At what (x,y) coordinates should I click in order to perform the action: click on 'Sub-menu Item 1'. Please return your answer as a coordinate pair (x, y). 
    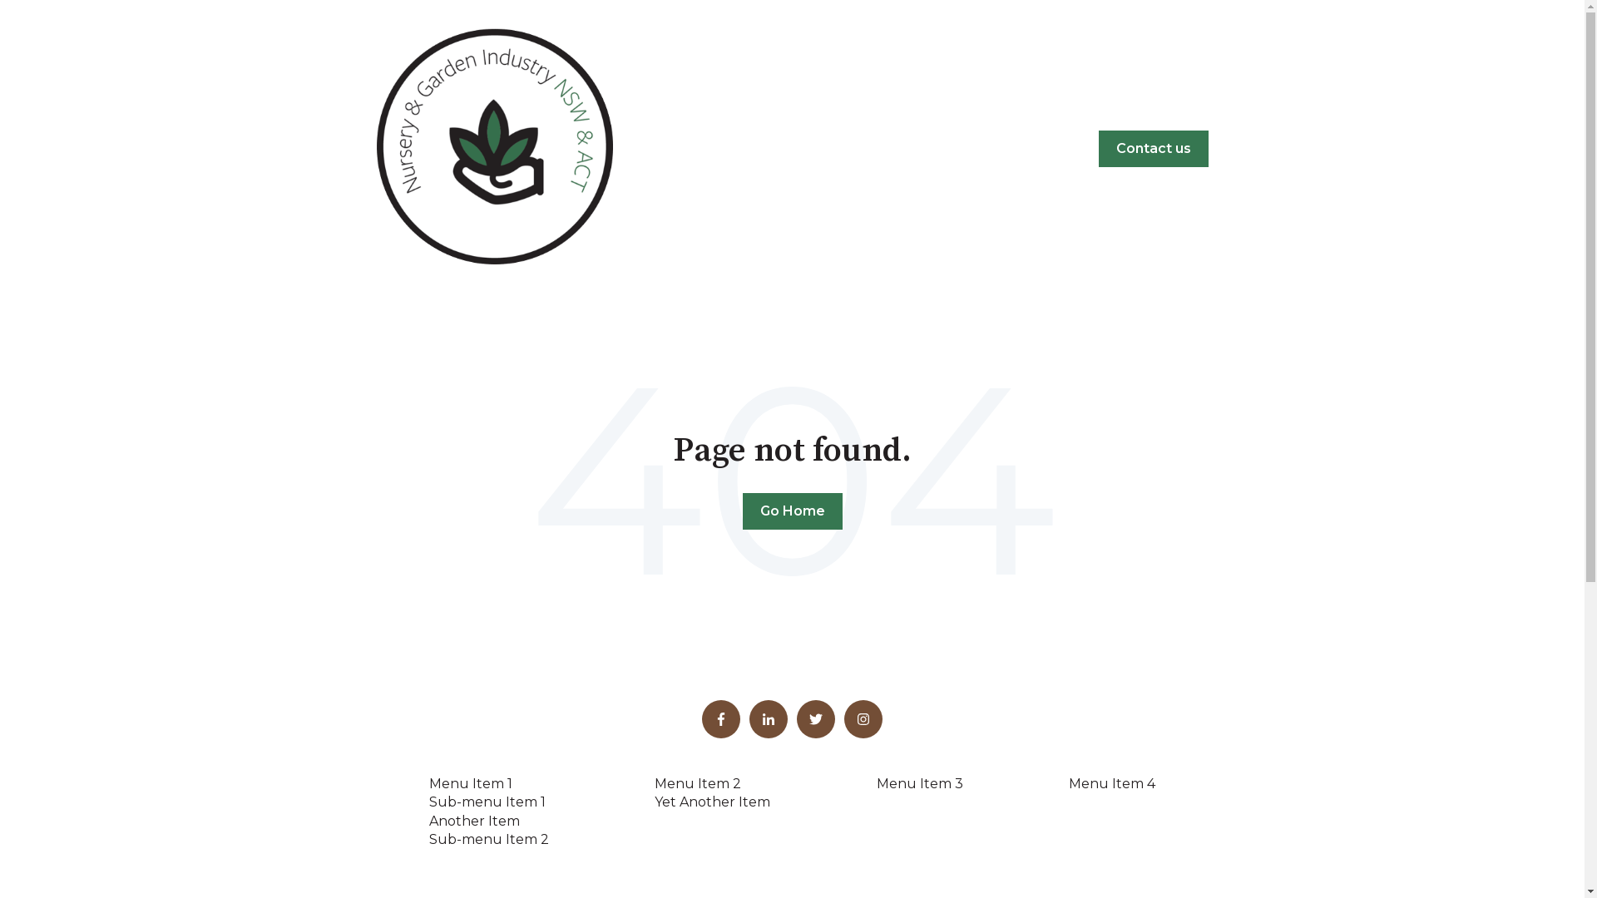
    Looking at the image, I should click on (486, 801).